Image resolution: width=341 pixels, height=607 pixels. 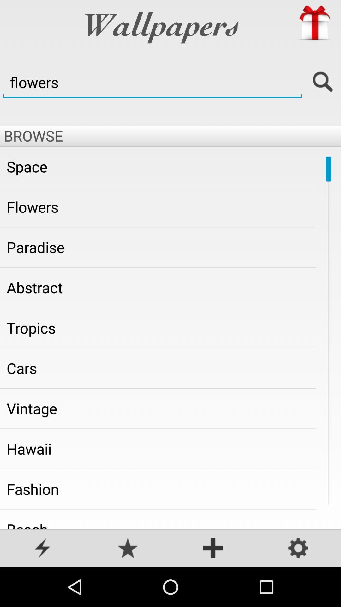 I want to click on search for wallpapers, so click(x=323, y=82).